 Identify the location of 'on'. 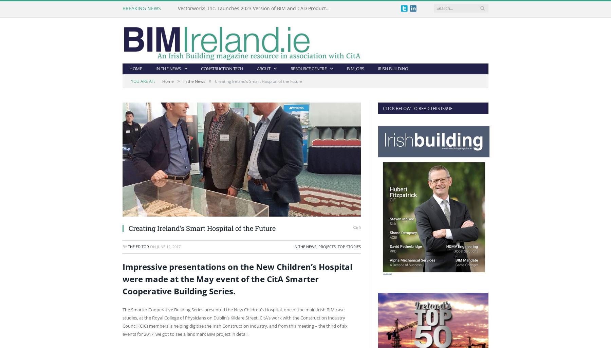
(153, 246).